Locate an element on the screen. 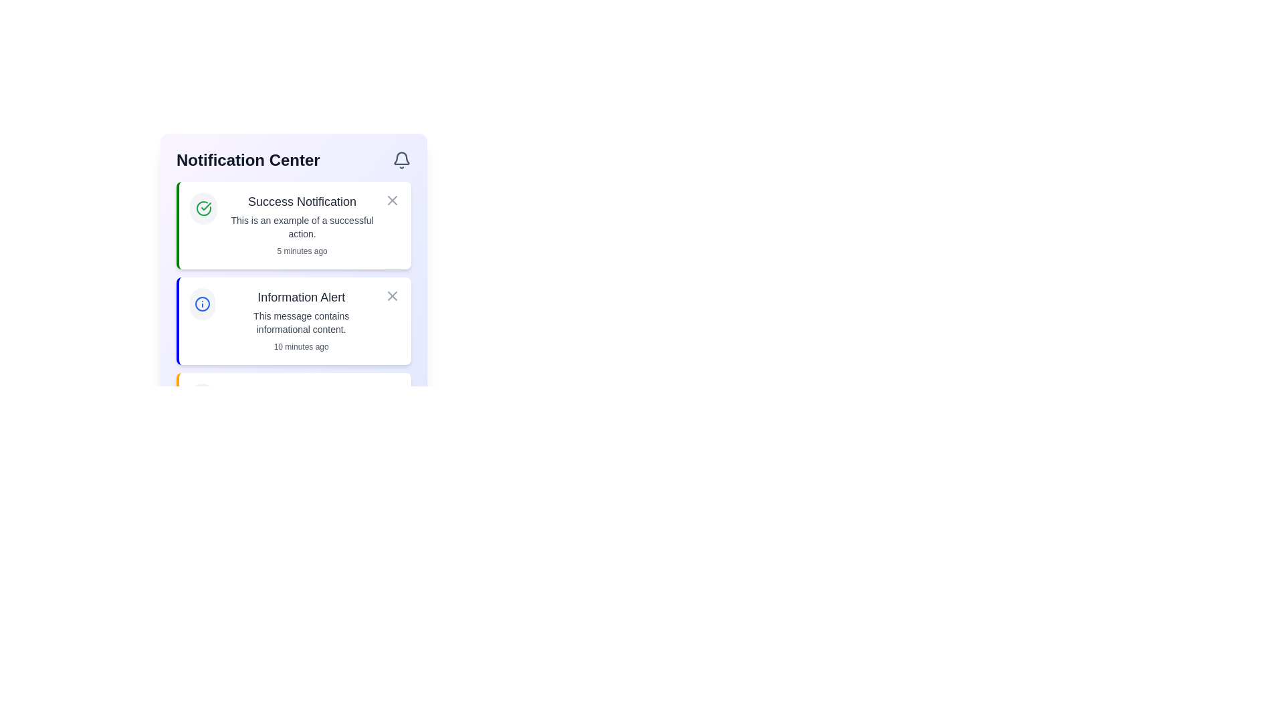 This screenshot has width=1284, height=722. the small diagonal cross icon located in the upper-right part of the 'Success Notification' card is located at coordinates (391, 295).